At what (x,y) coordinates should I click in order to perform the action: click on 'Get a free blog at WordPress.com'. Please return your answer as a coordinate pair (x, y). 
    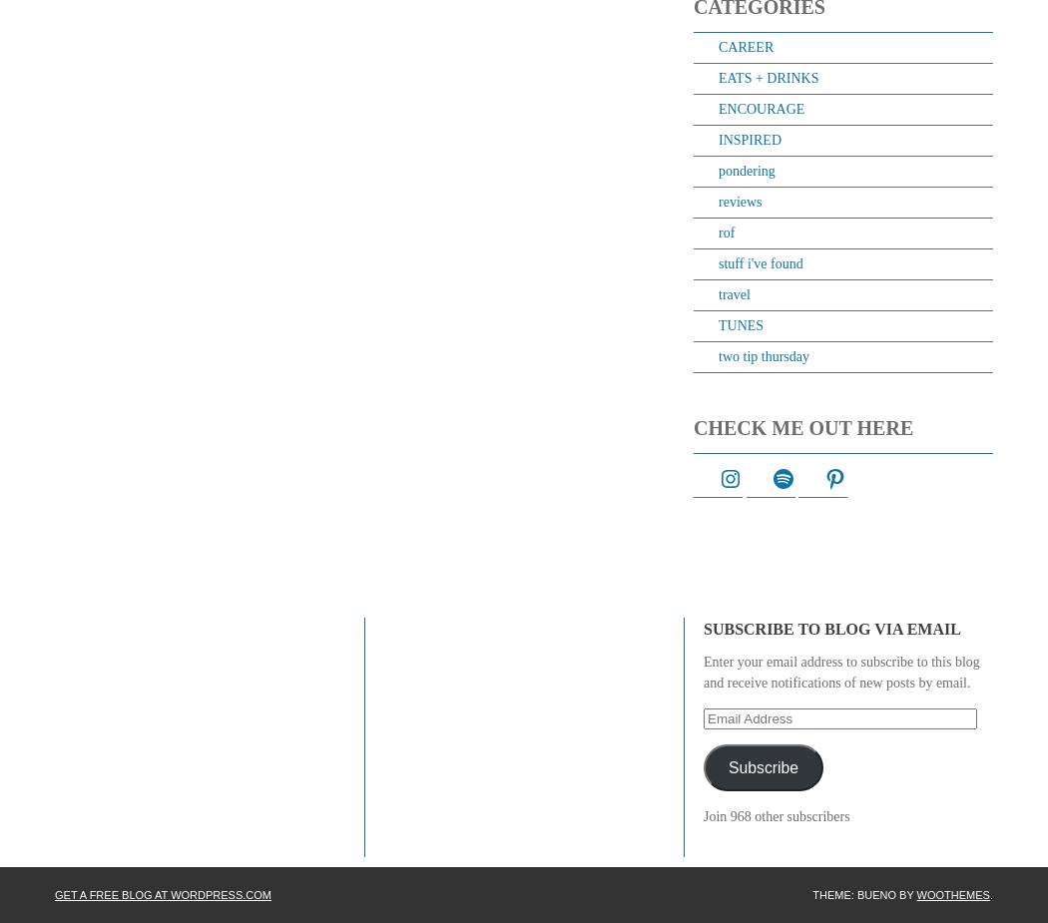
    Looking at the image, I should click on (163, 894).